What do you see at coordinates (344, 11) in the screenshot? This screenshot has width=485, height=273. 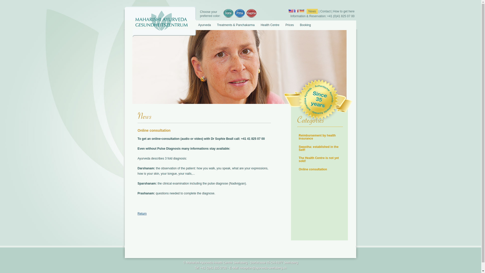 I see `'How to get here'` at bounding box center [344, 11].